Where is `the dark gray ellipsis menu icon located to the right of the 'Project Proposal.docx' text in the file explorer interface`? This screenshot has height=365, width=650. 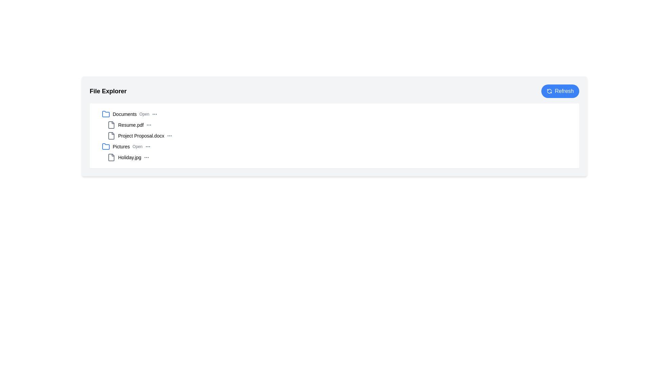 the dark gray ellipsis menu icon located to the right of the 'Project Proposal.docx' text in the file explorer interface is located at coordinates (170, 136).